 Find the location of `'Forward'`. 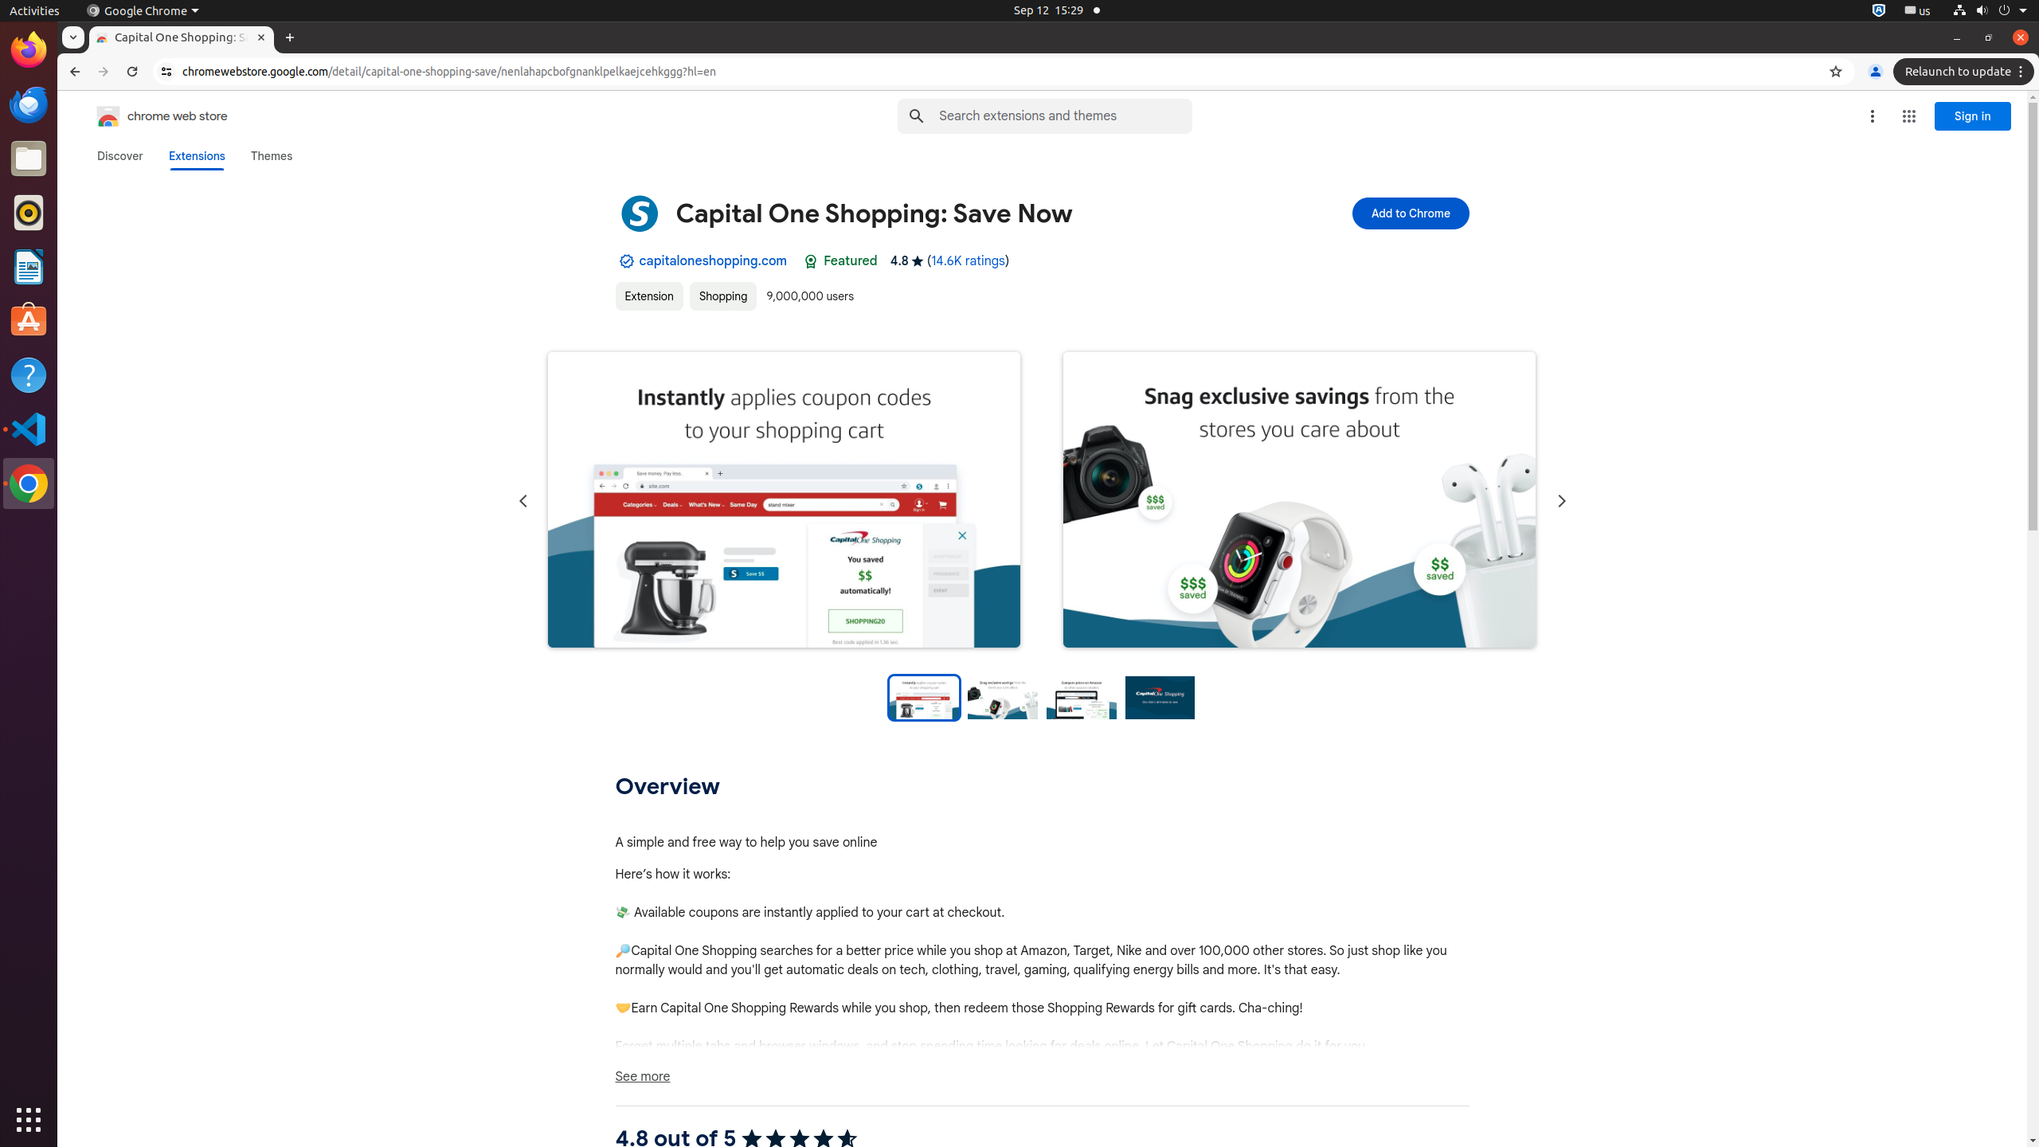

'Forward' is located at coordinates (104, 71).